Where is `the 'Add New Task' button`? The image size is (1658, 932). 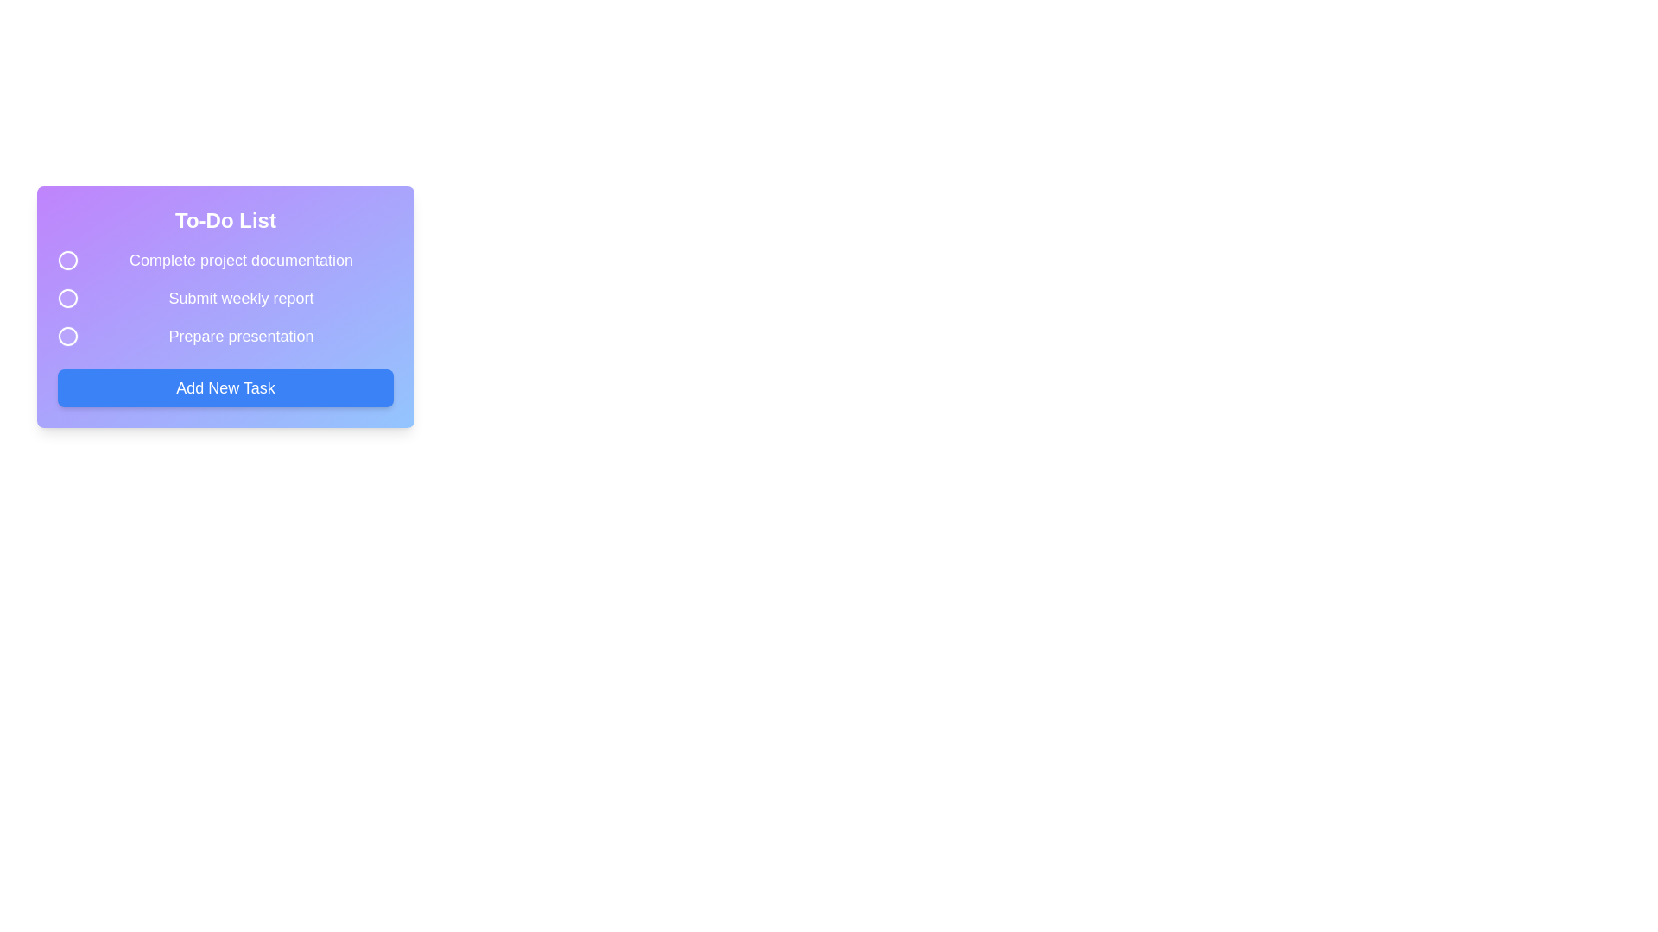 the 'Add New Task' button is located at coordinates (225, 388).